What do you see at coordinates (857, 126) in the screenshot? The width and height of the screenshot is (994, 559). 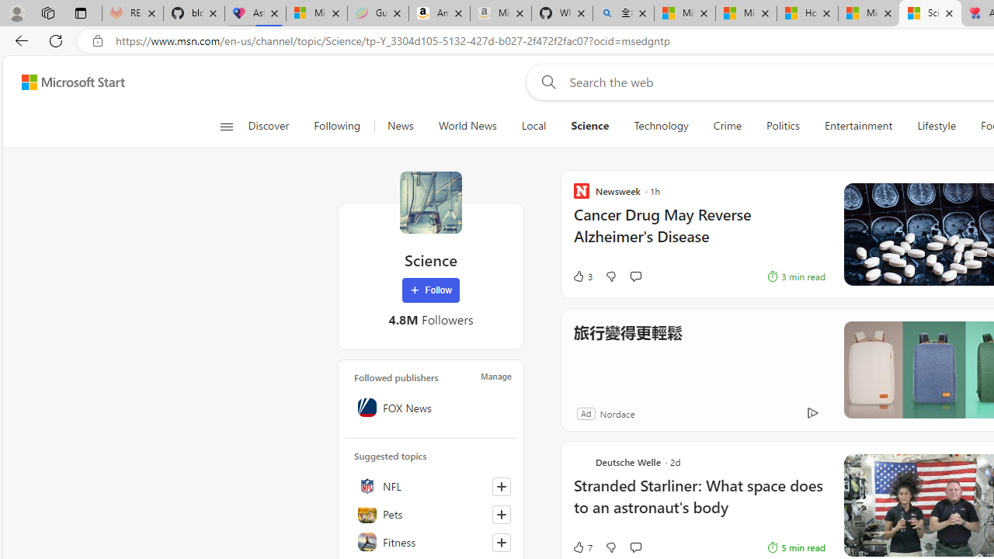 I see `'Entertainment'` at bounding box center [857, 126].